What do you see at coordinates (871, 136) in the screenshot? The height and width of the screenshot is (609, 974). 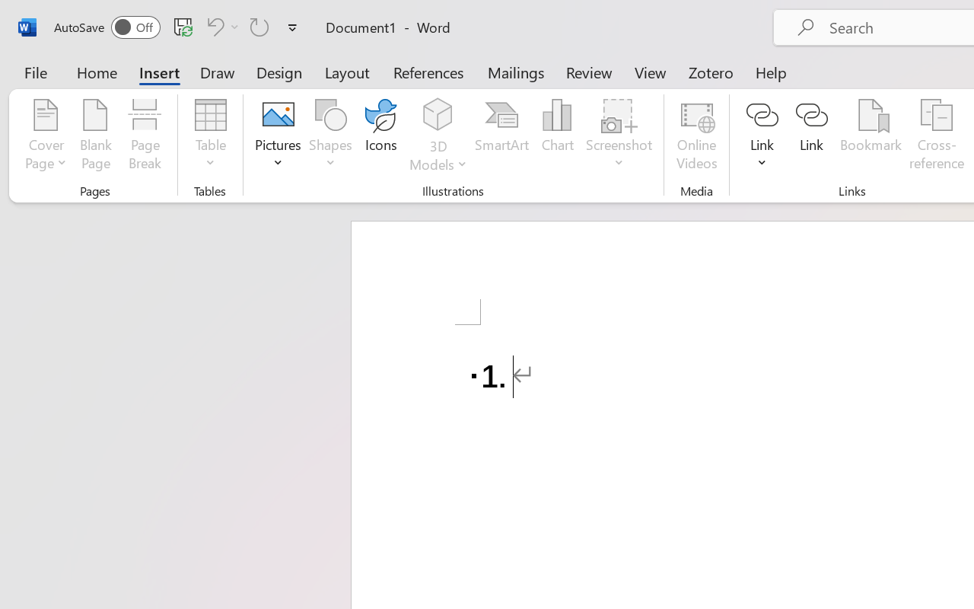 I see `'Bookmark...'` at bounding box center [871, 136].